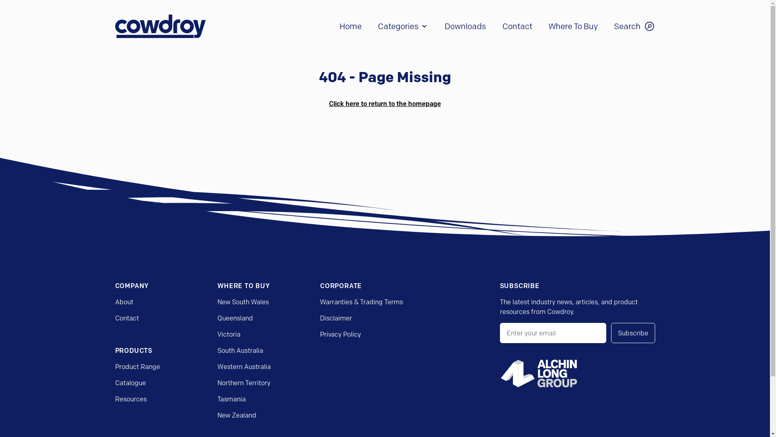  Describe the element at coordinates (114, 318) in the screenshot. I see `'Contact'` at that location.